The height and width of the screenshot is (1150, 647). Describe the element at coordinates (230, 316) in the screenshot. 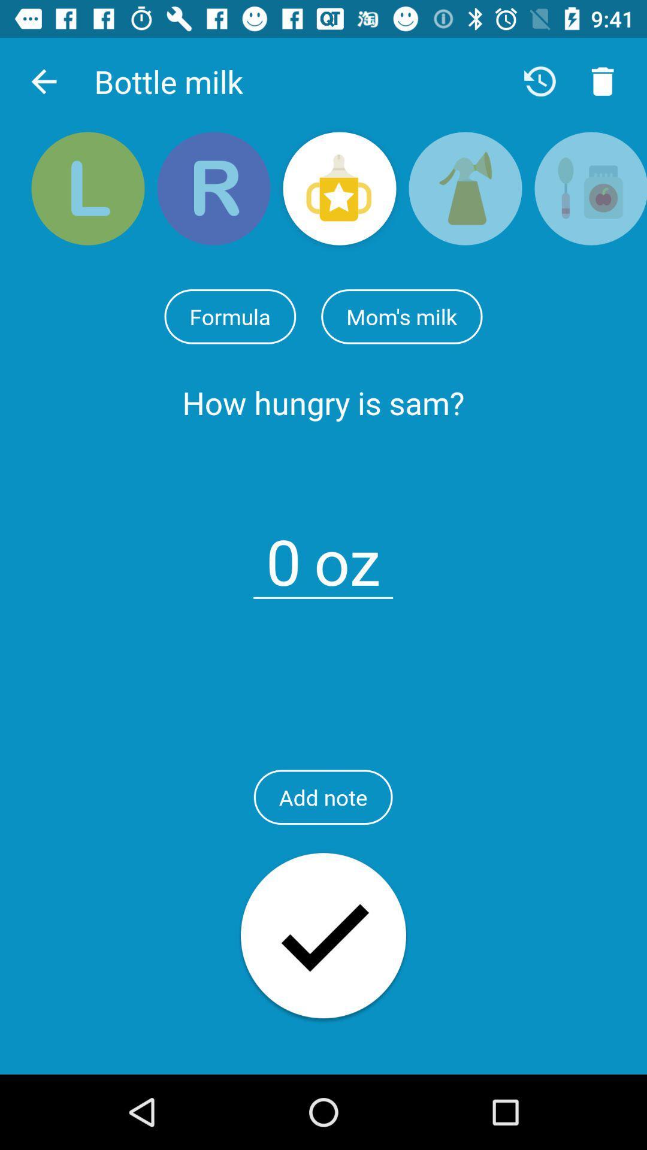

I see `item above the how hungry is` at that location.